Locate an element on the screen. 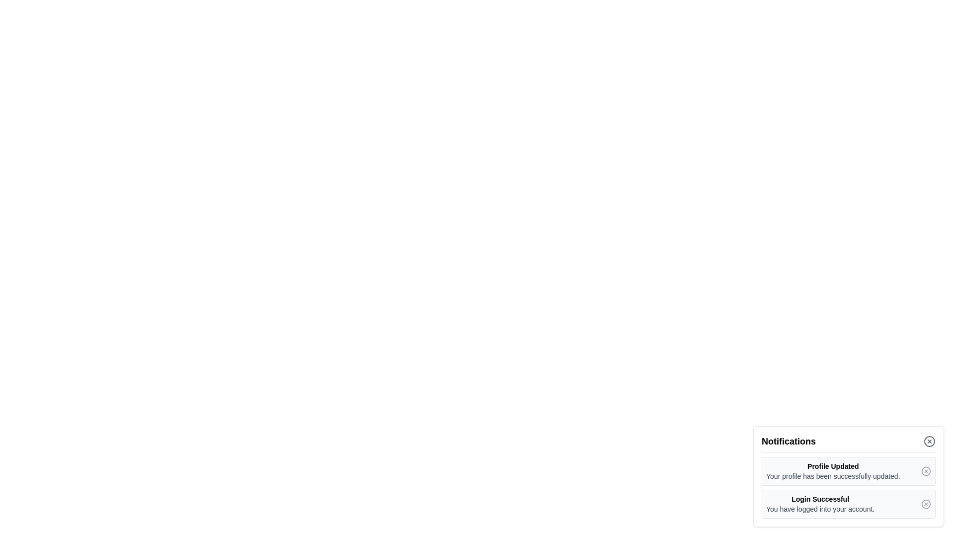  text content of the notification header indicating a successful login, which is the first line of text in the notification section is located at coordinates (820, 499).